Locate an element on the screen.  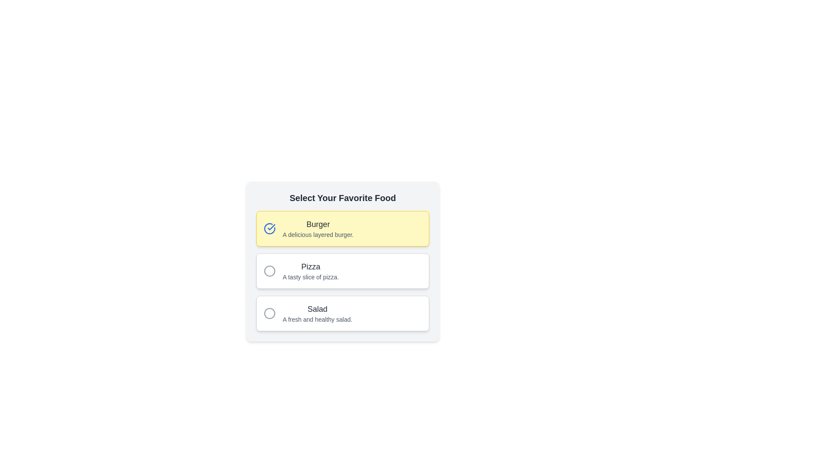
the hollow circle radio button is located at coordinates (269, 313).